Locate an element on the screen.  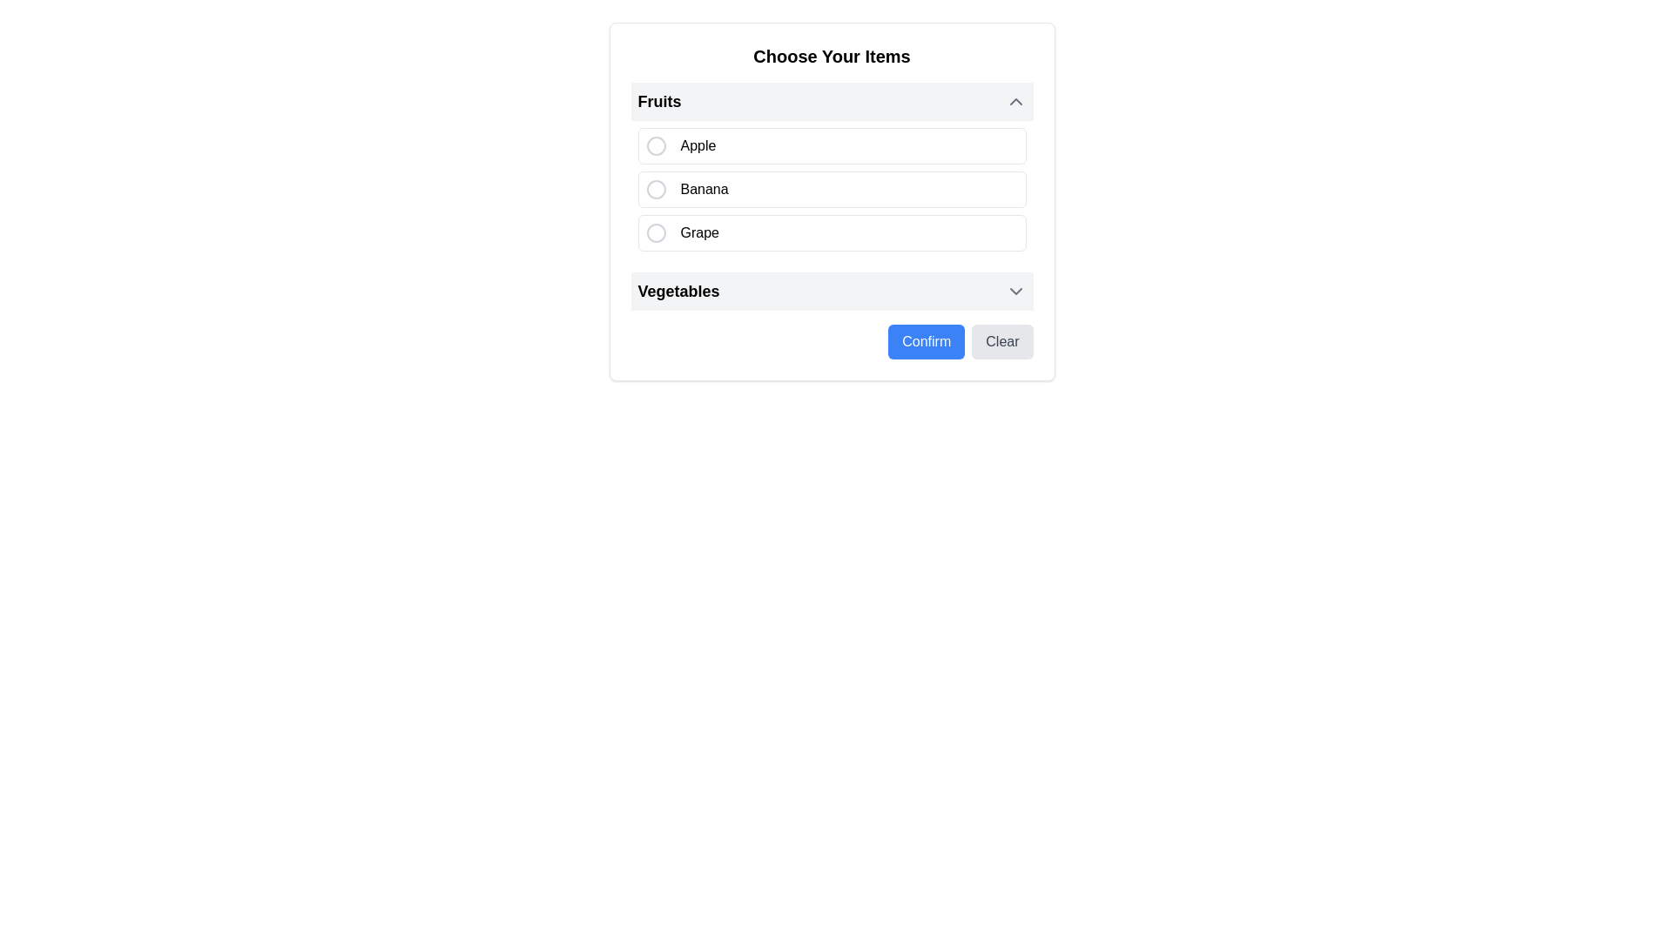
the radio button for the option 'Apple' in the 'Fruits' section of the 'Choose Your Items' card interface is located at coordinates (655, 145).